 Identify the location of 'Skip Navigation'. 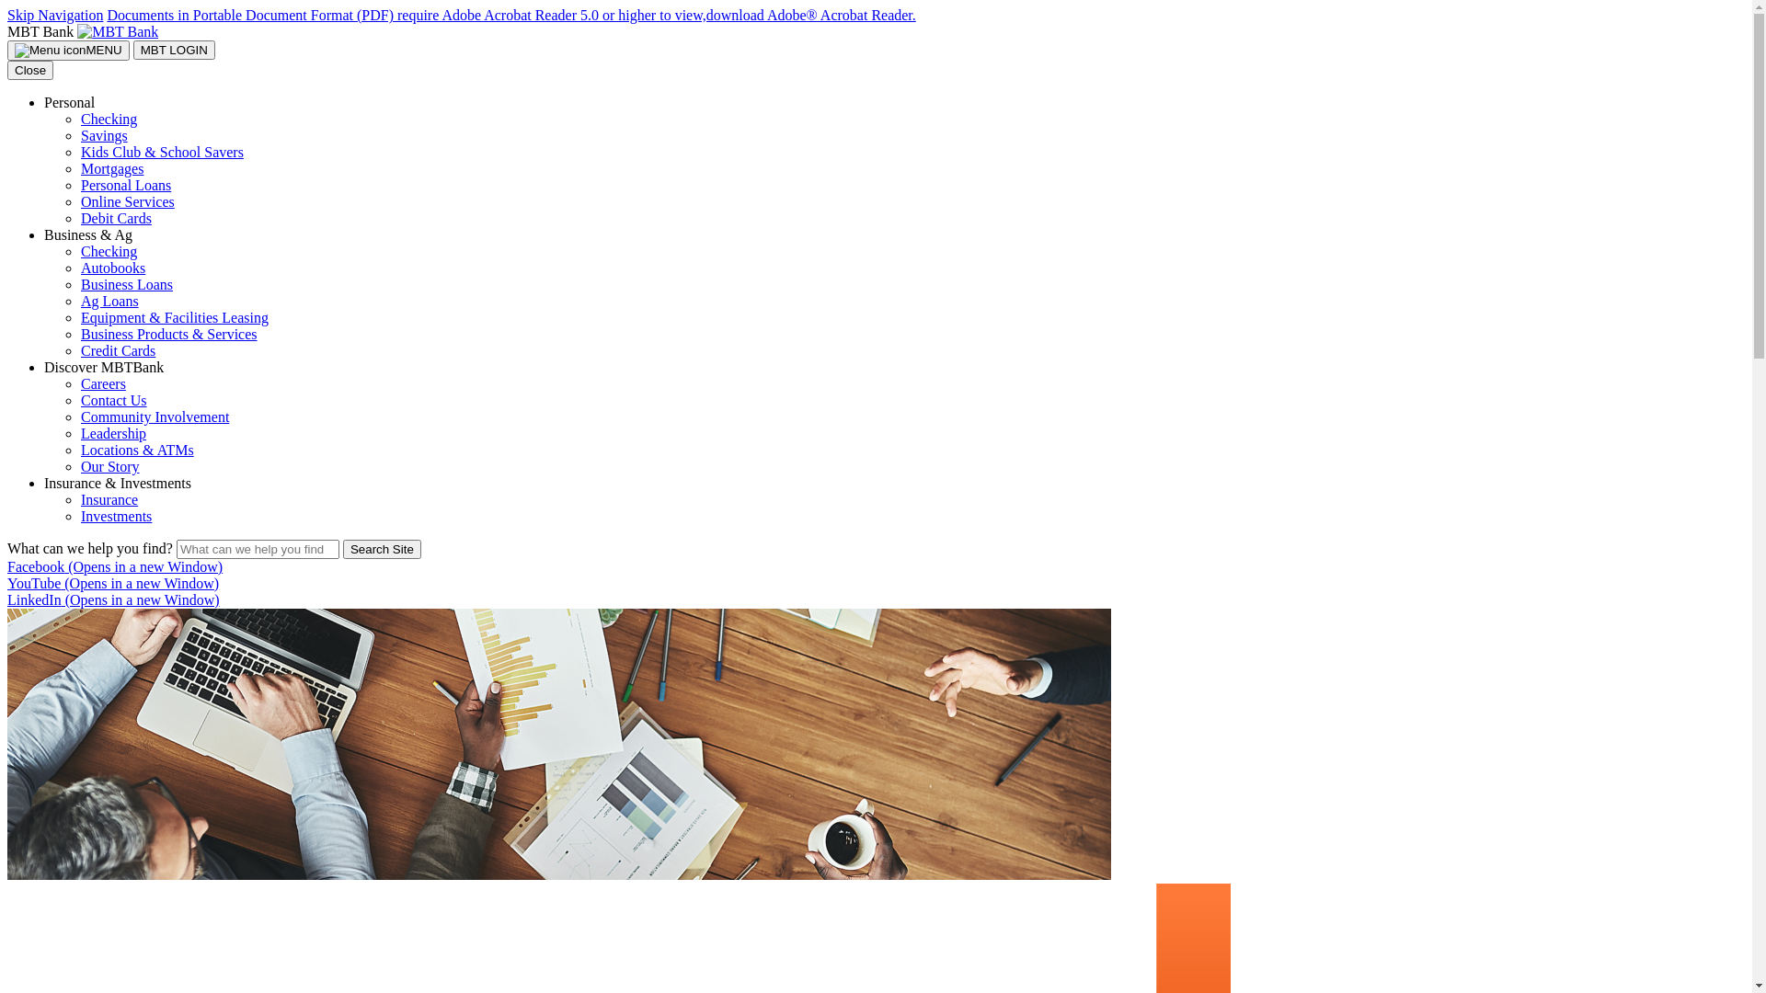
(54, 15).